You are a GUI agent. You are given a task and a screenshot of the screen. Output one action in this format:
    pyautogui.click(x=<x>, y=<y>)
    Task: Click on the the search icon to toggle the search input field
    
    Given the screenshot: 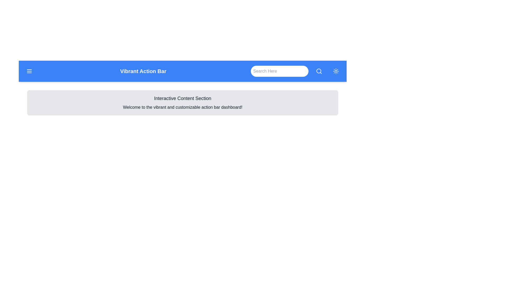 What is the action you would take?
    pyautogui.click(x=319, y=71)
    